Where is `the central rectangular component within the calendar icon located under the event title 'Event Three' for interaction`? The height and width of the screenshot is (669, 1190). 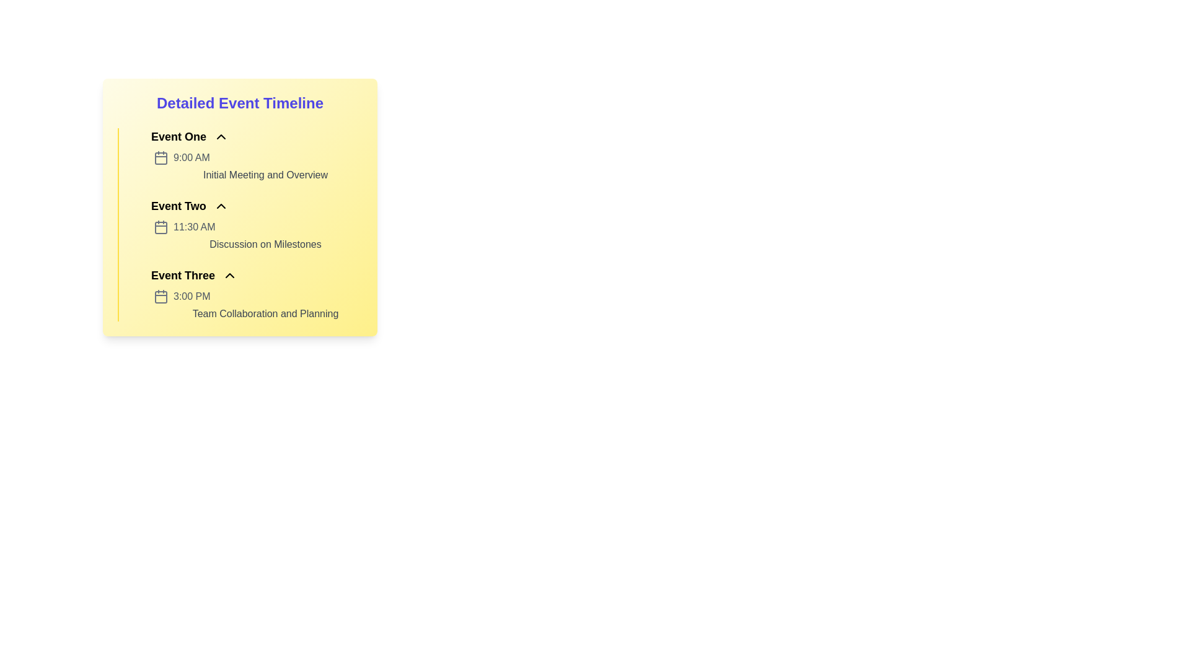
the central rectangular component within the calendar icon located under the event title 'Event Three' for interaction is located at coordinates (160, 297).